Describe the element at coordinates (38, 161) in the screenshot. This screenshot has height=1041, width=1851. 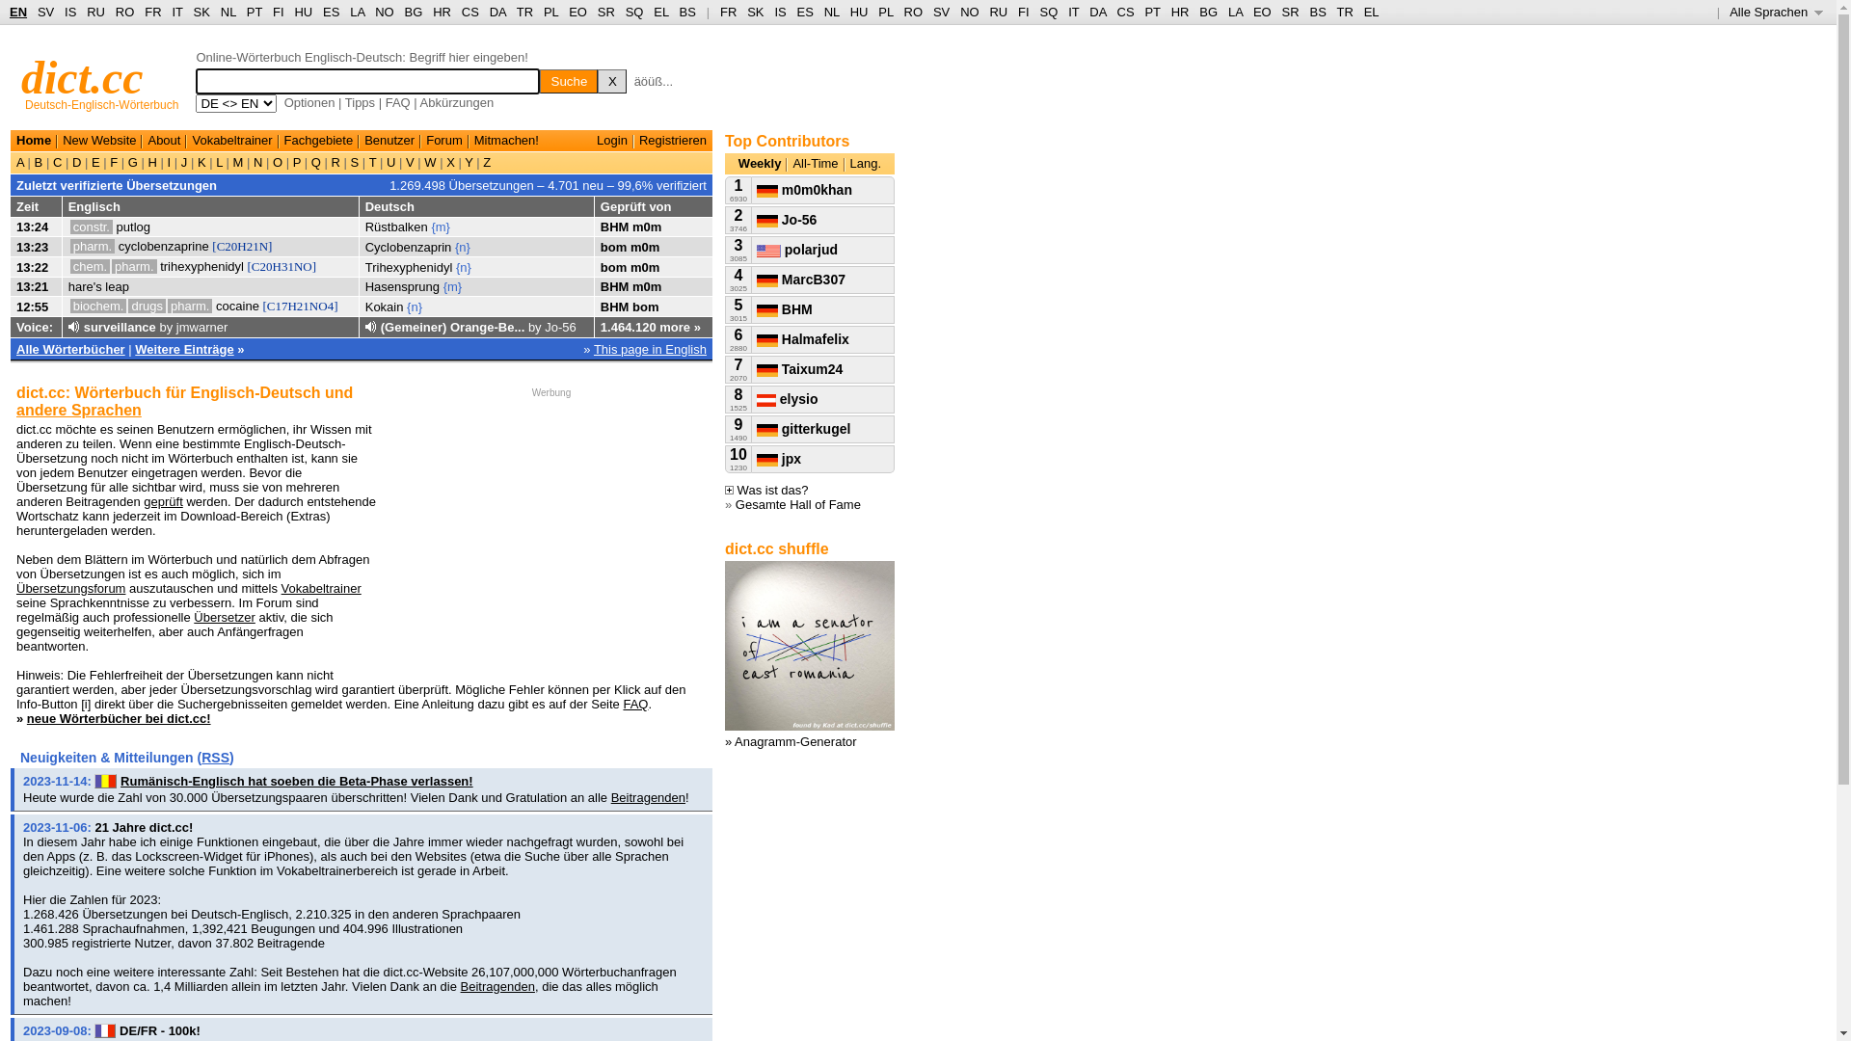
I see `'B'` at that location.